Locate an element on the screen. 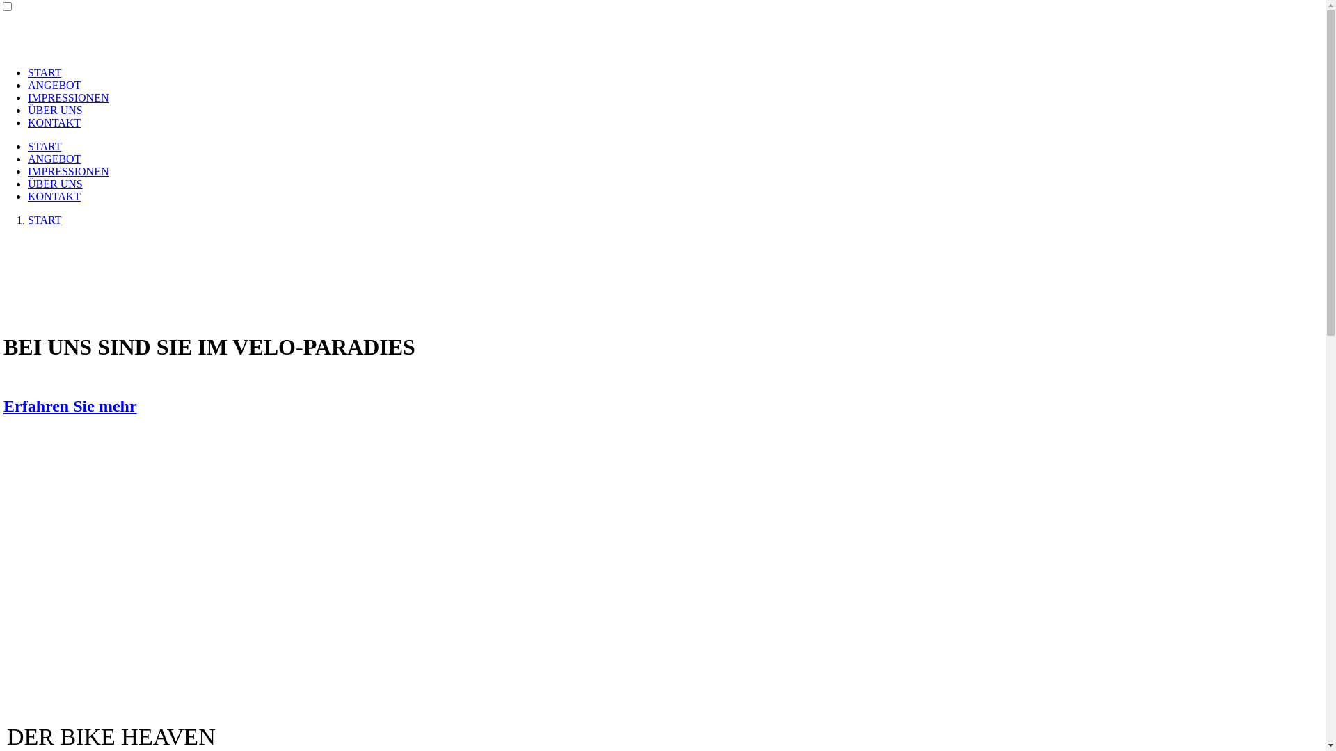 The height and width of the screenshot is (751, 1336). 'START' is located at coordinates (44, 219).